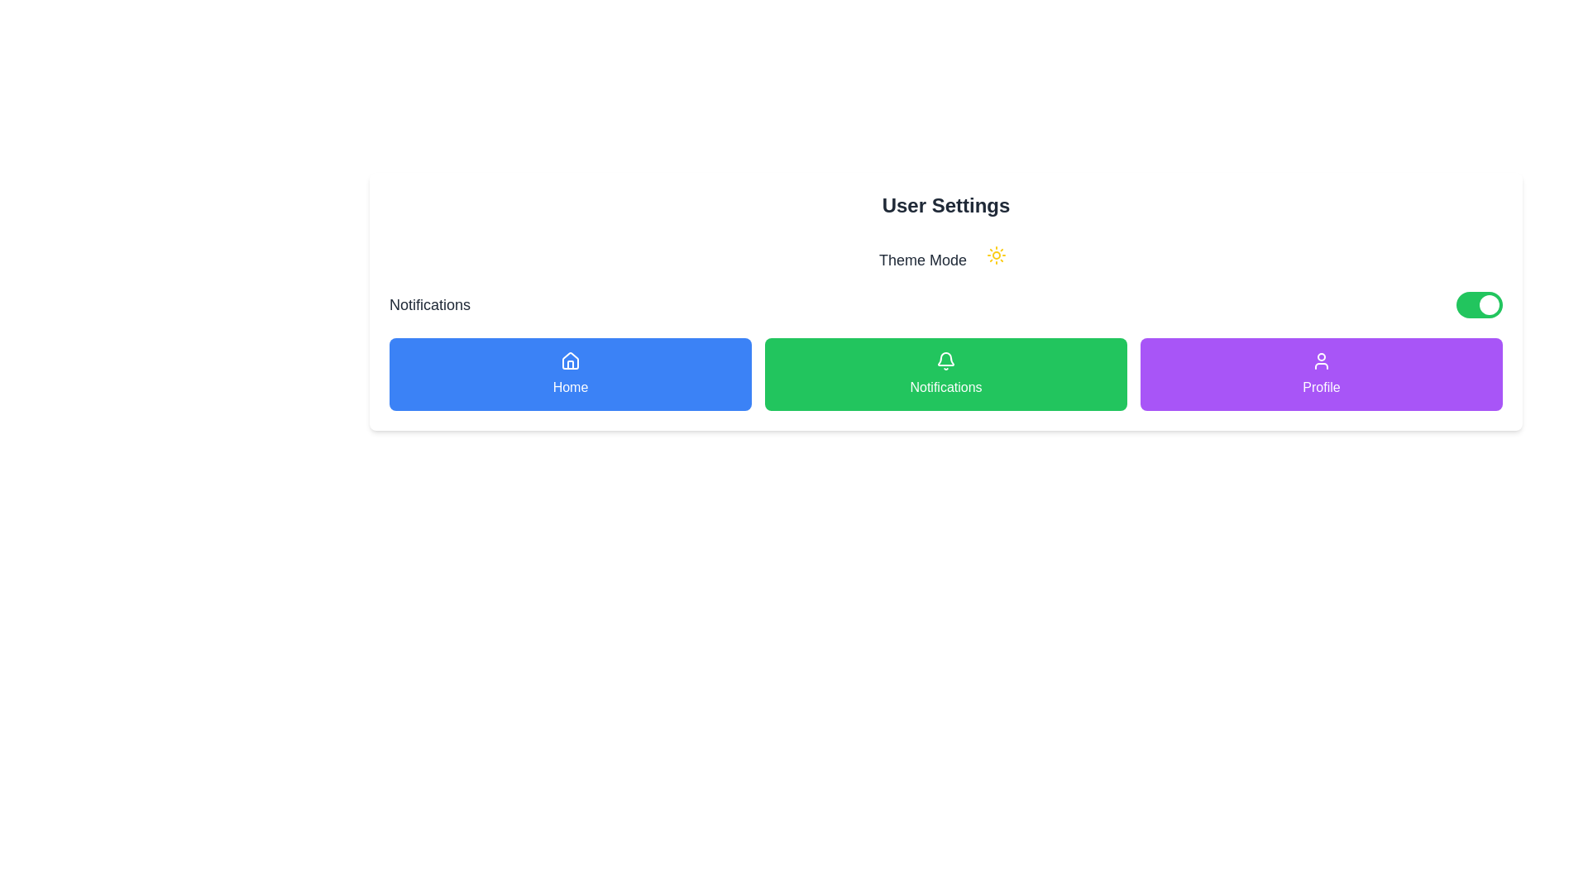  What do you see at coordinates (995, 255) in the screenshot?
I see `the circular sun-shaped button, which is yellow with radial lines, located to the right of the 'Theme Mode' text in the 'User Settings' section` at bounding box center [995, 255].